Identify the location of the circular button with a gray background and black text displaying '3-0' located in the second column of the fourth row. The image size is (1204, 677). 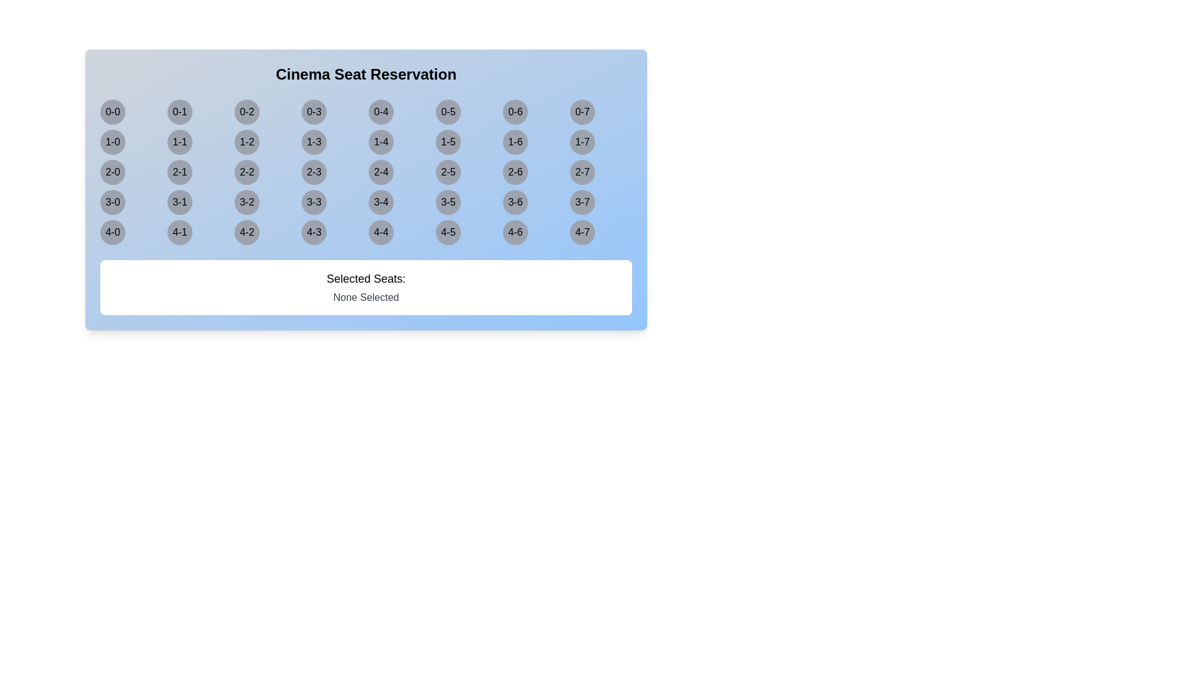
(113, 202).